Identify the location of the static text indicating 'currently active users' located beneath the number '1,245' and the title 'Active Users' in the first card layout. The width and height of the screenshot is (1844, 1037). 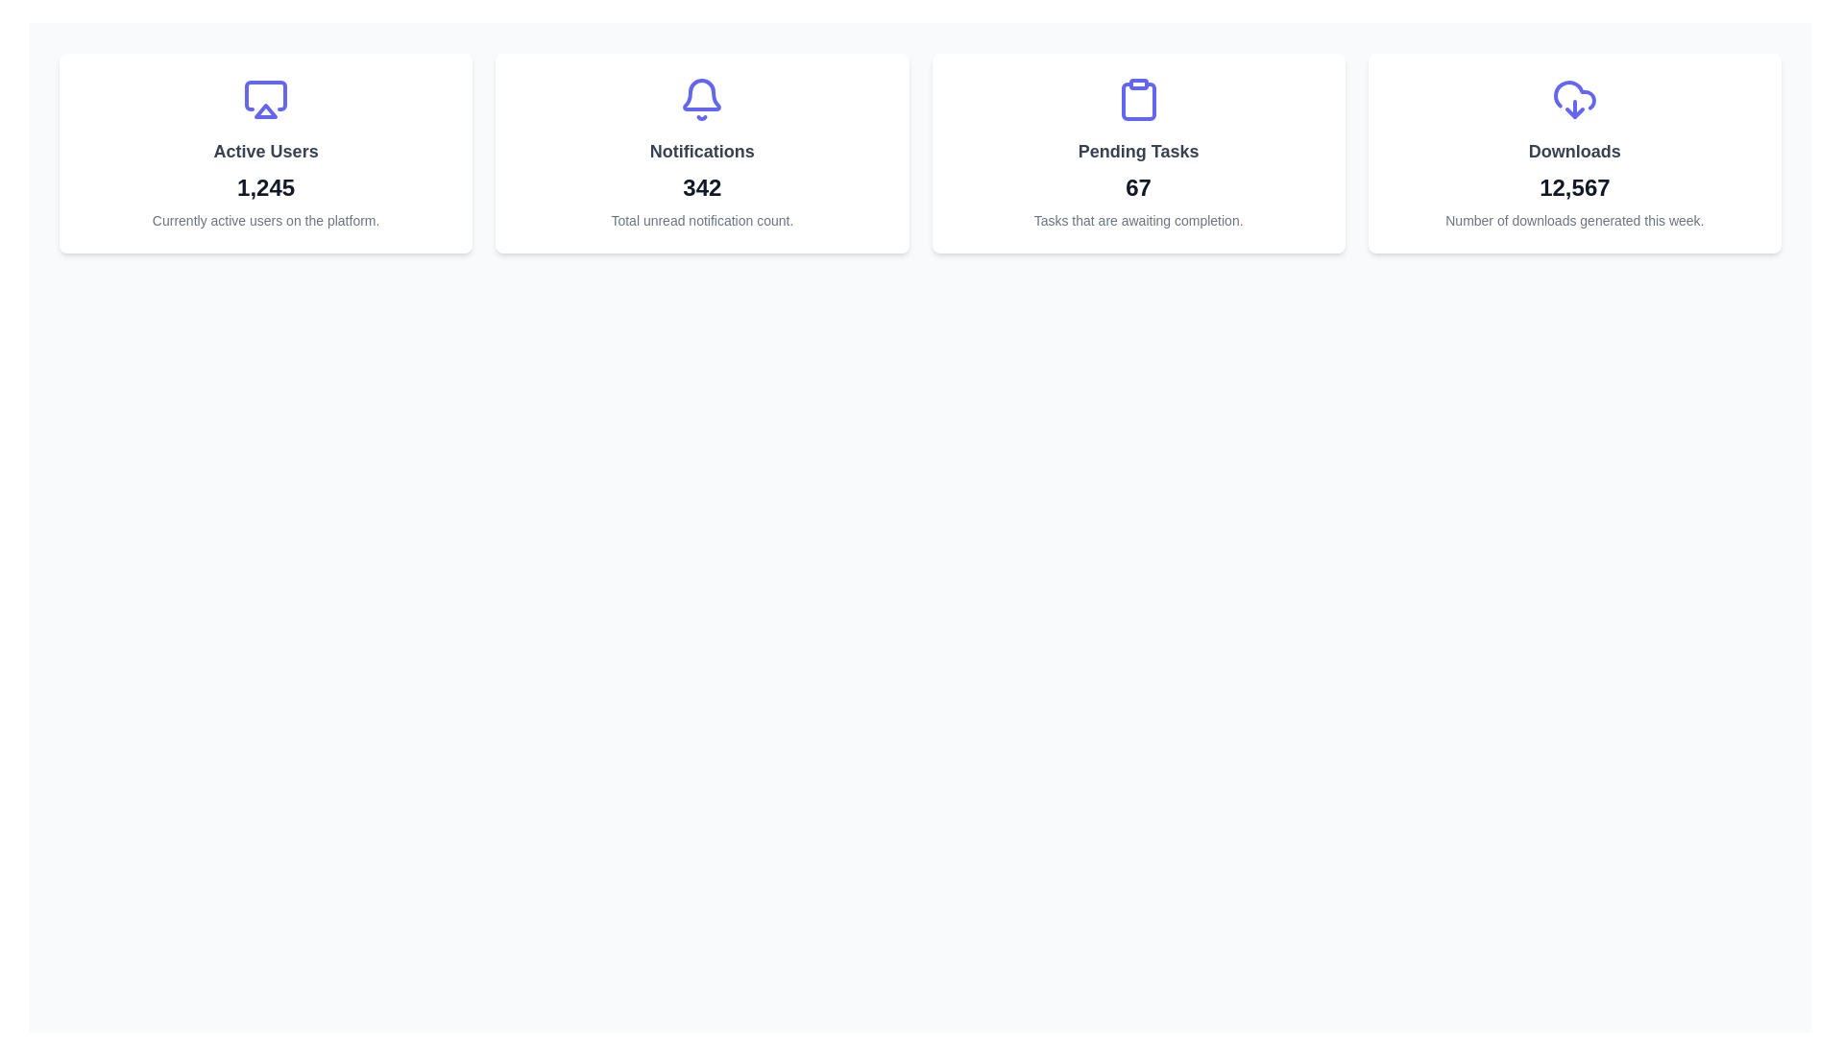
(265, 220).